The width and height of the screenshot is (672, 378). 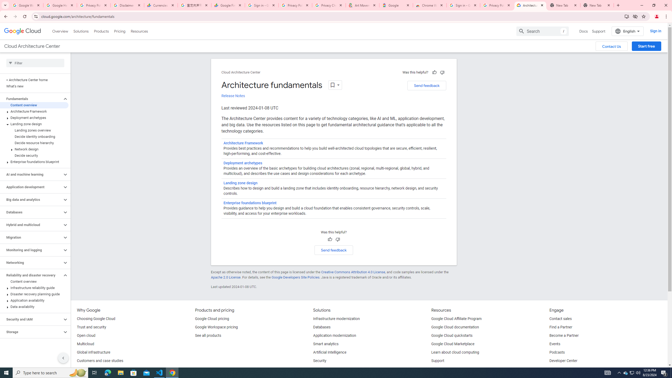 What do you see at coordinates (627, 16) in the screenshot?
I see `'Install Google Cloud'` at bounding box center [627, 16].